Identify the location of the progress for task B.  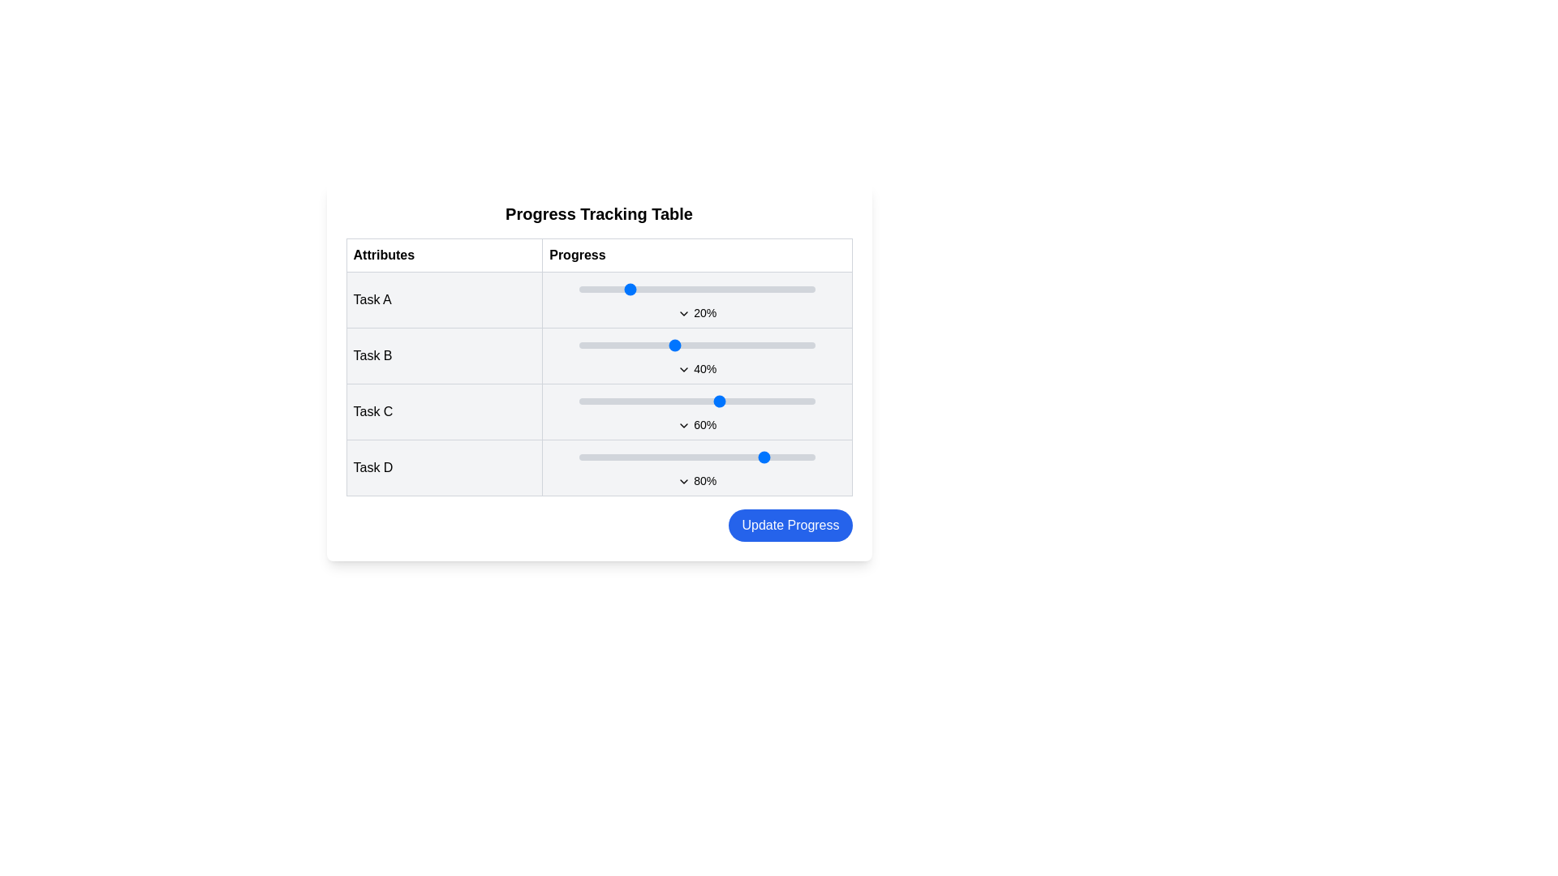
(606, 344).